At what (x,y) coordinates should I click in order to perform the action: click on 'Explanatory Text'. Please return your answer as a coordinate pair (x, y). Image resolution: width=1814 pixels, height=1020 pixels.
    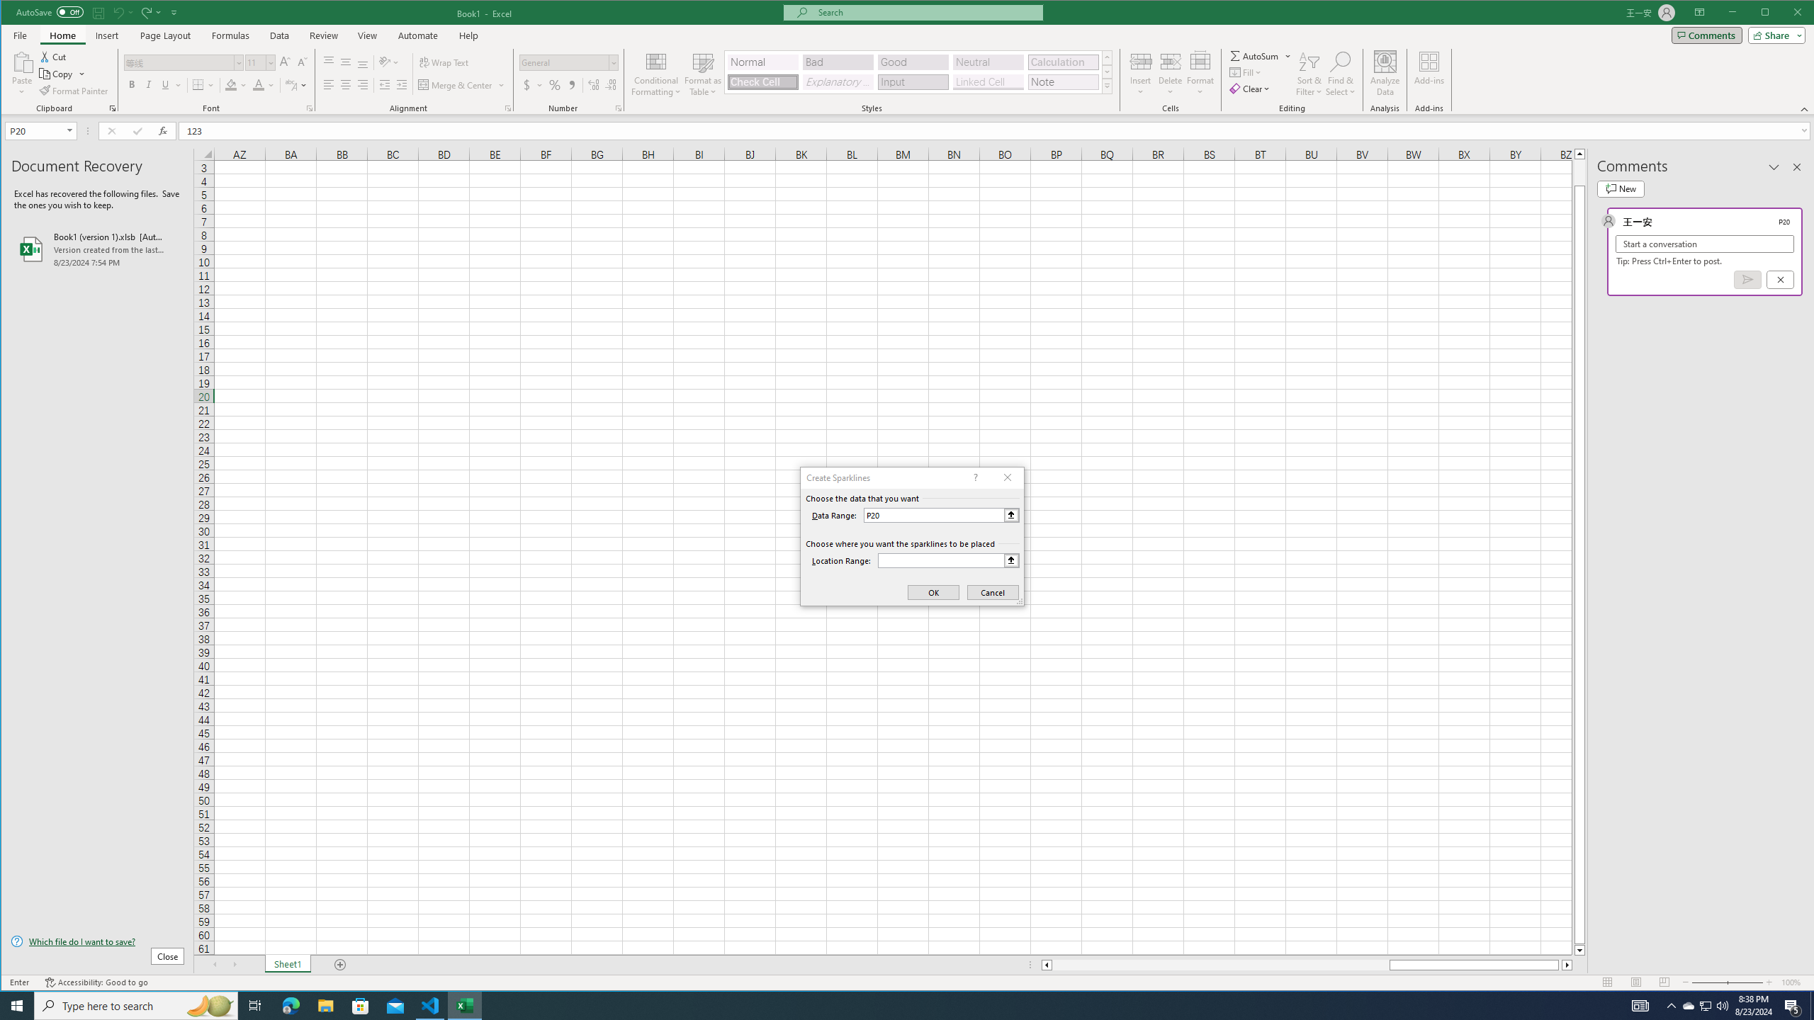
    Looking at the image, I should click on (838, 81).